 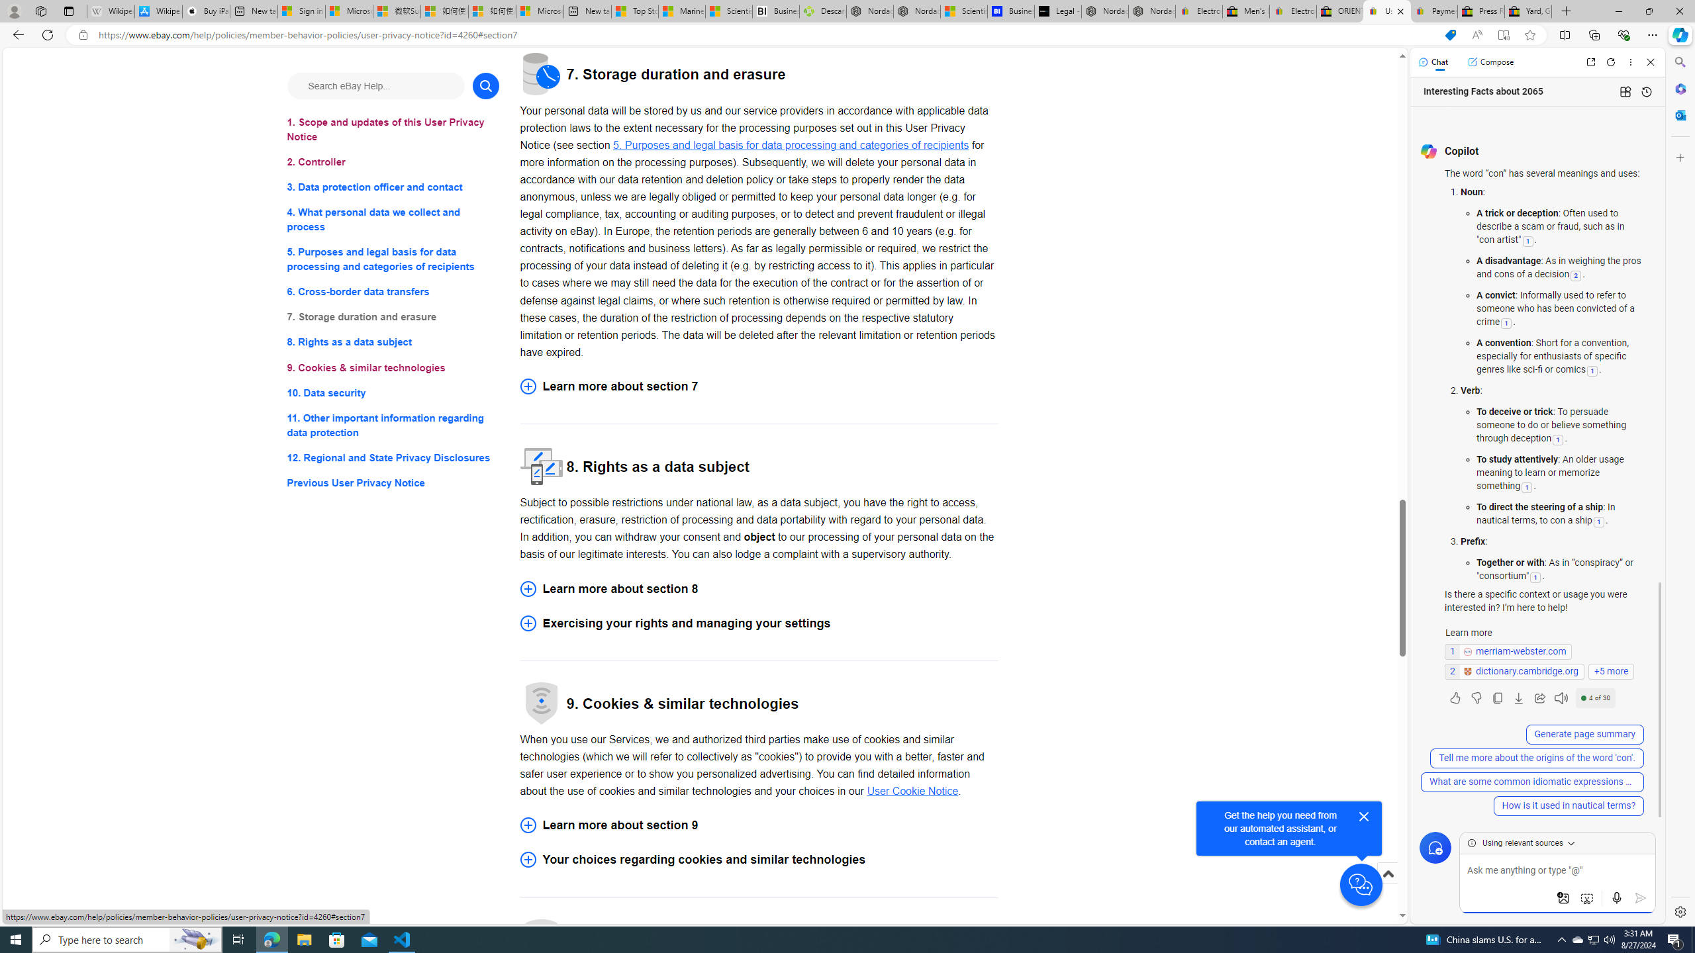 What do you see at coordinates (392, 161) in the screenshot?
I see `'2. Controller'` at bounding box center [392, 161].